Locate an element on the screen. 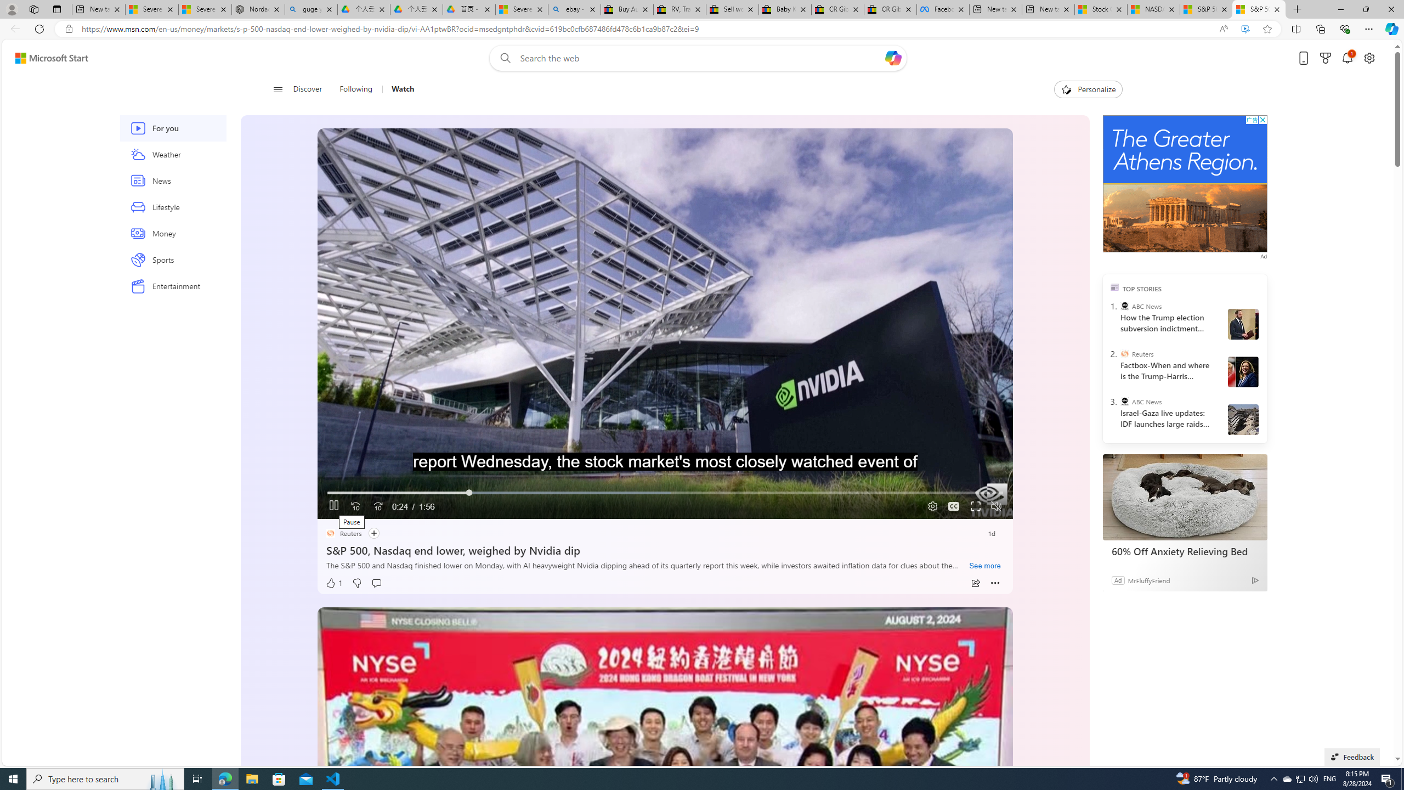 The width and height of the screenshot is (1404, 790). 'guge yunpan - Search' is located at coordinates (311, 9).